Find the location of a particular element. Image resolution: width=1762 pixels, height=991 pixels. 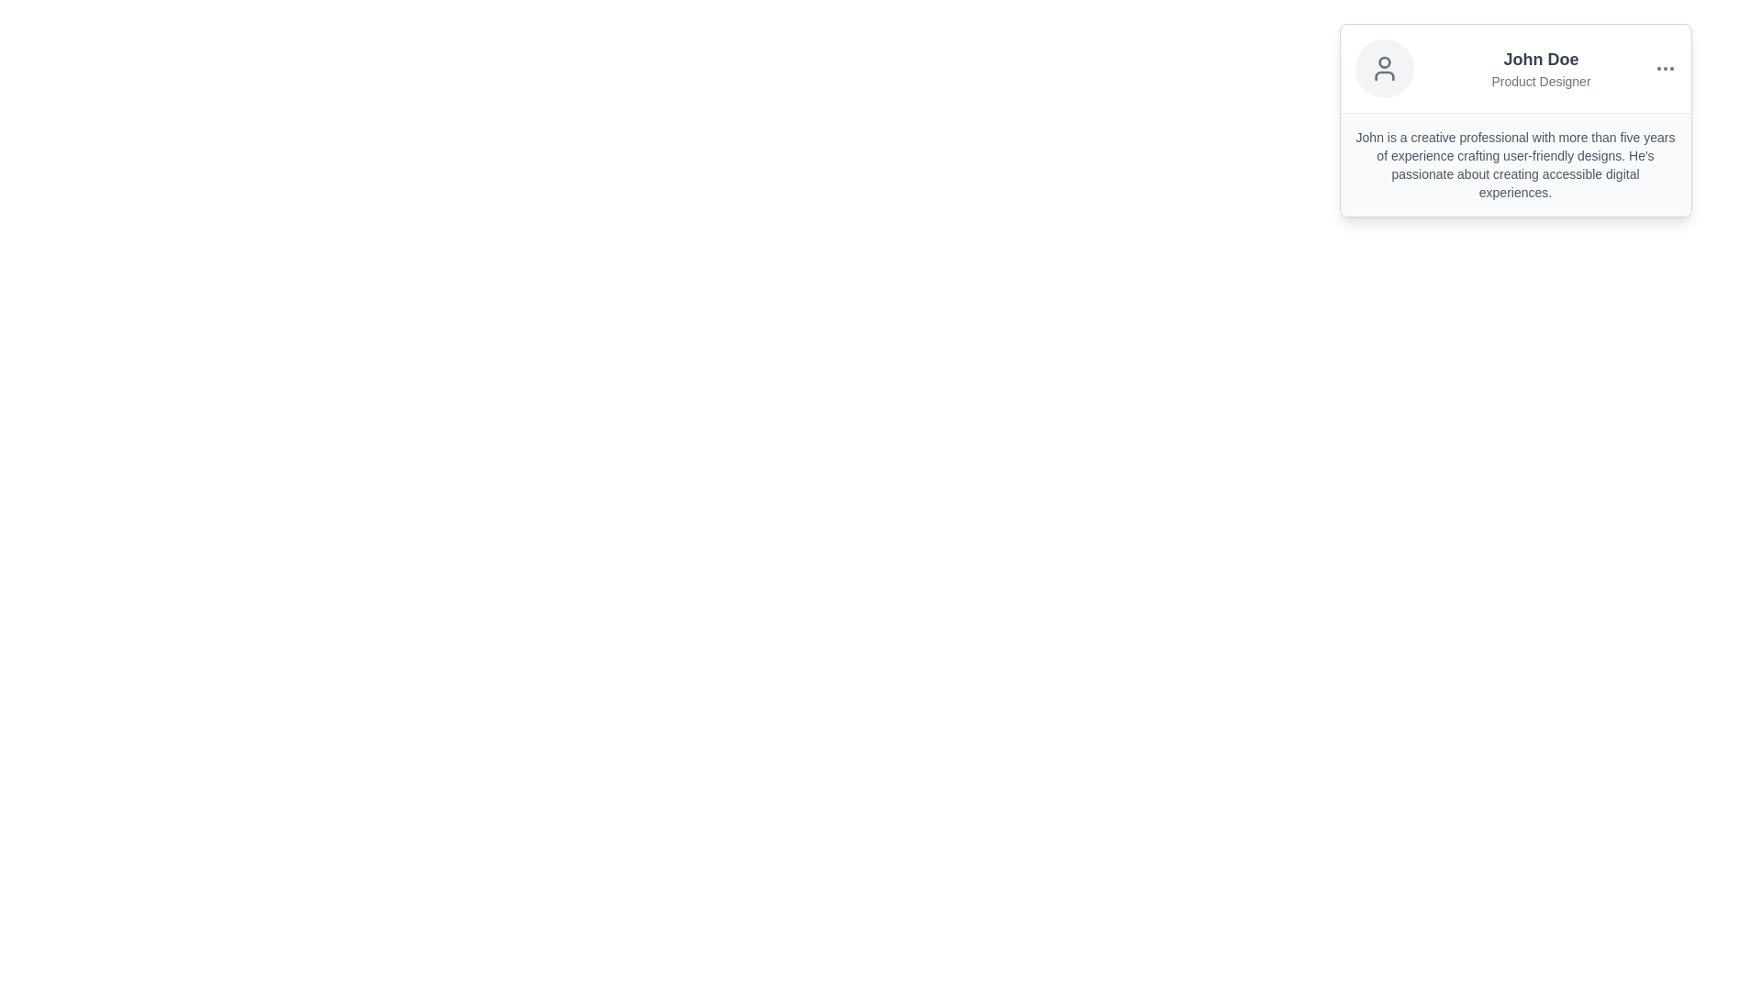

the text content area displaying 'John Doe' and 'Product Designer' in a profile card layout is located at coordinates (1541, 67).